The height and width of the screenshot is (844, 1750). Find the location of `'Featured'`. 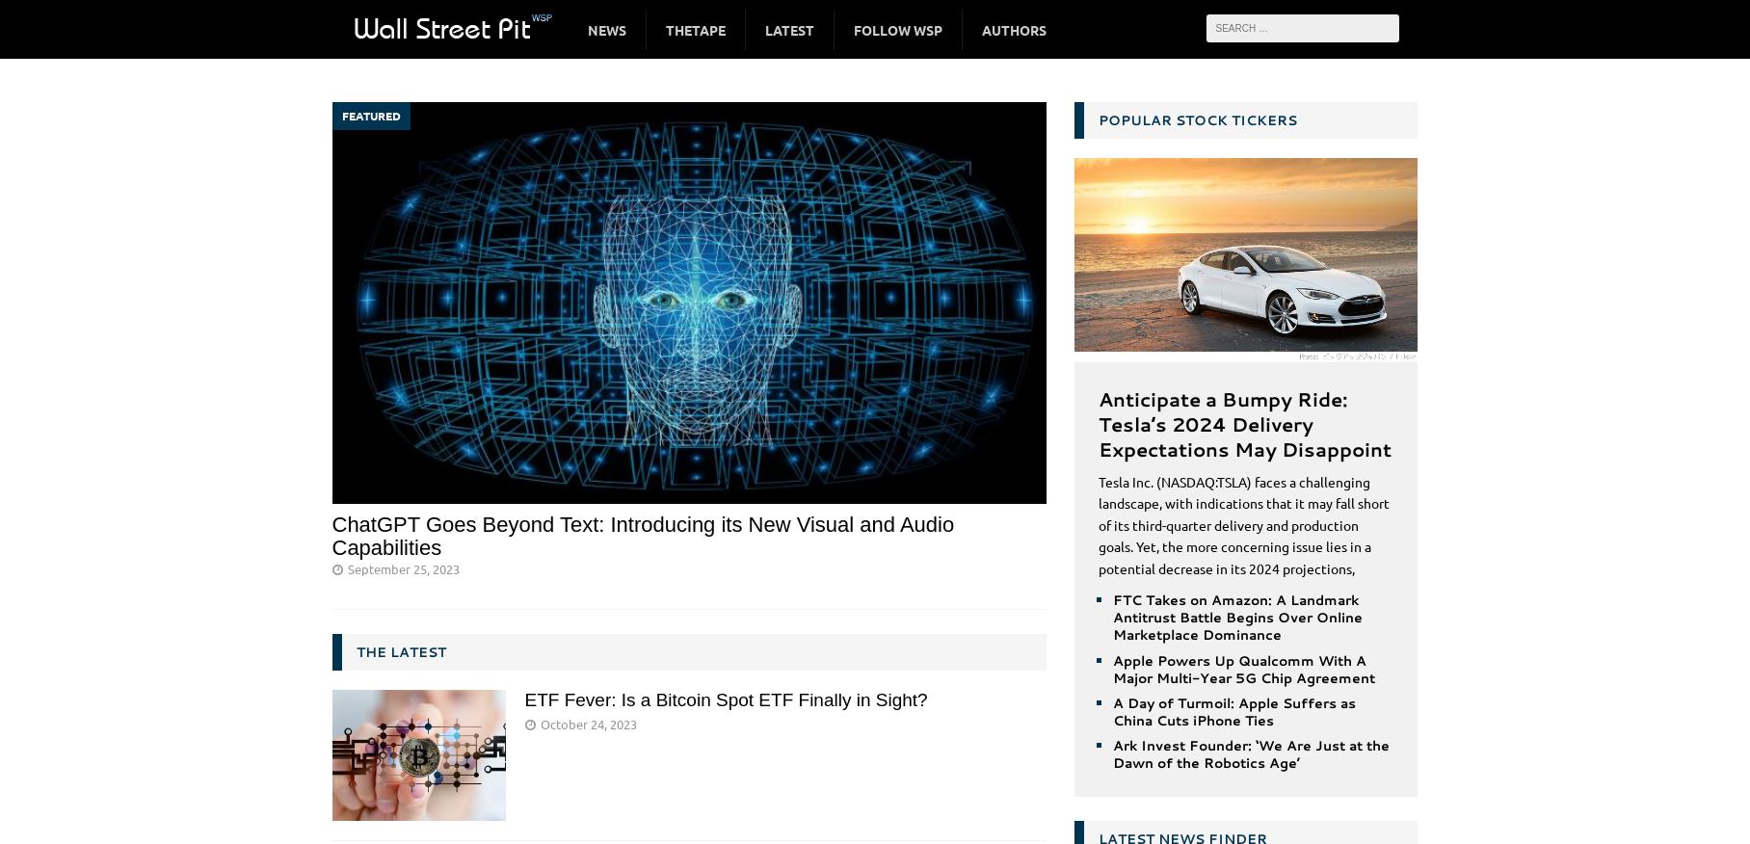

'Featured' is located at coordinates (369, 115).